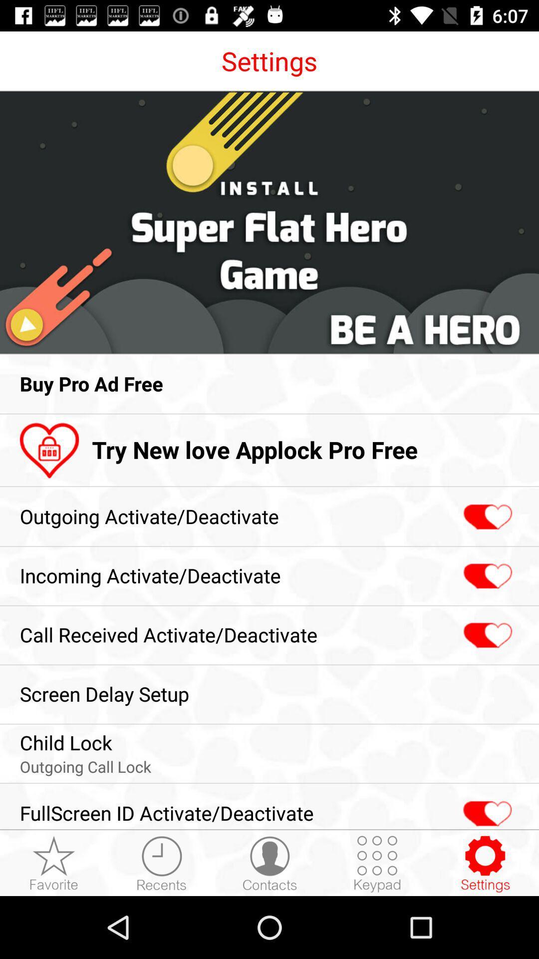 This screenshot has height=959, width=539. What do you see at coordinates (486, 635) in the screenshot?
I see `the favorite icon` at bounding box center [486, 635].